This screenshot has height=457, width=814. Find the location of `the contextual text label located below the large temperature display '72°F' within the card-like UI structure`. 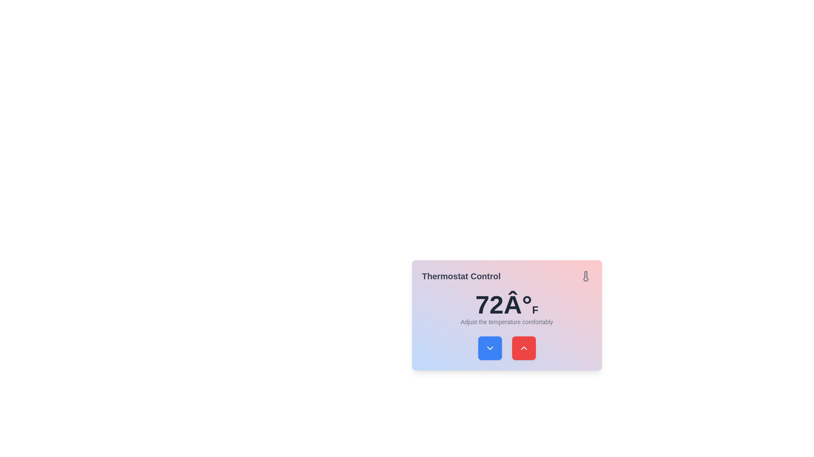

the contextual text label located below the large temperature display '72°F' within the card-like UI structure is located at coordinates (507, 322).